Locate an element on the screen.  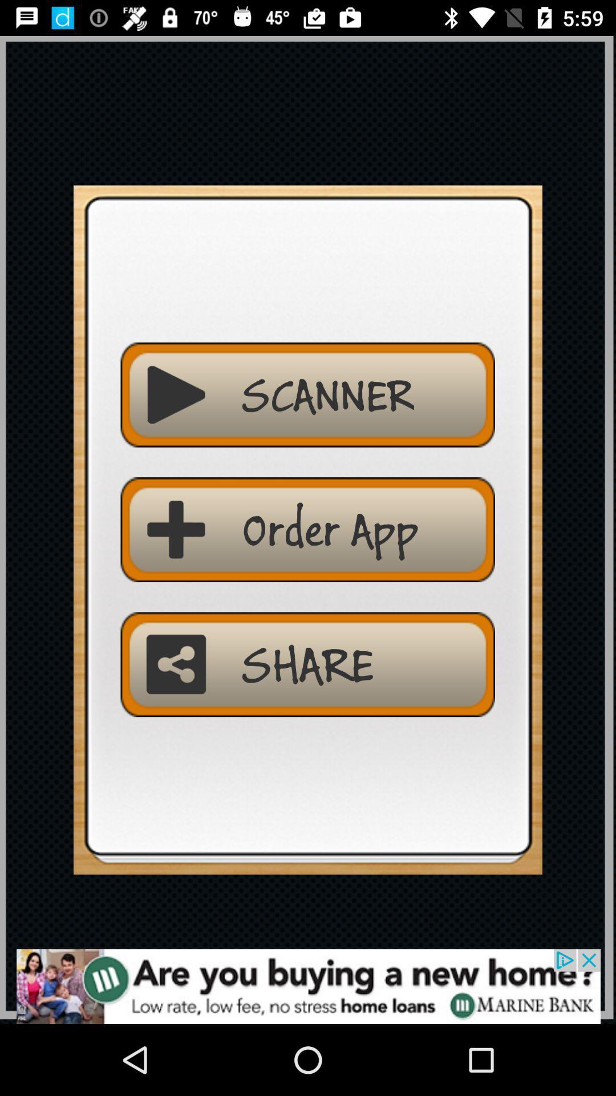
the advertisement is located at coordinates (308, 986).